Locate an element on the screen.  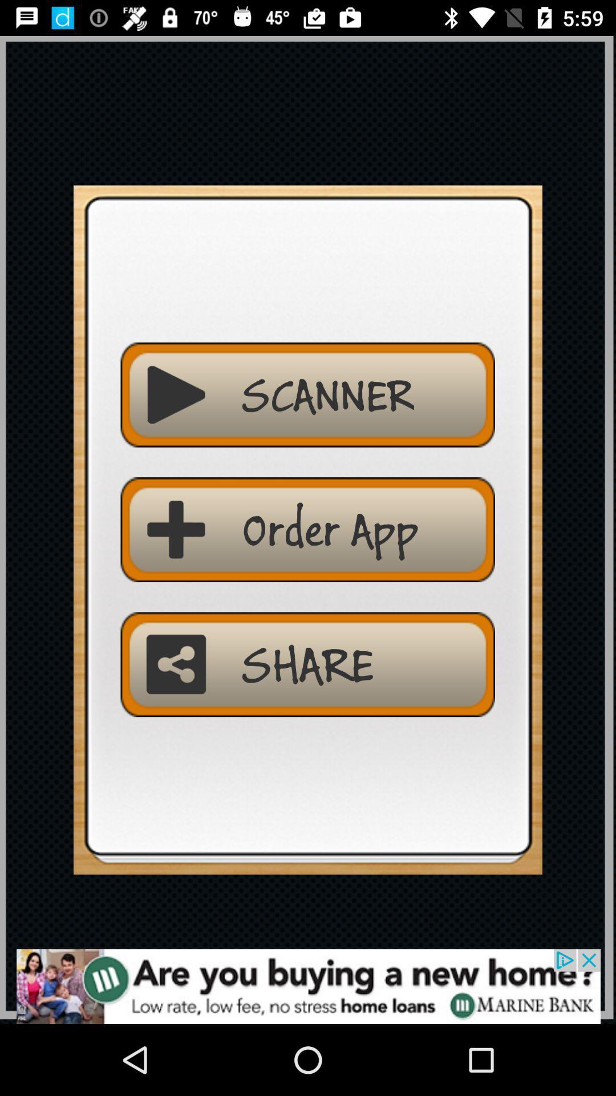
the advertisement is located at coordinates (308, 986).